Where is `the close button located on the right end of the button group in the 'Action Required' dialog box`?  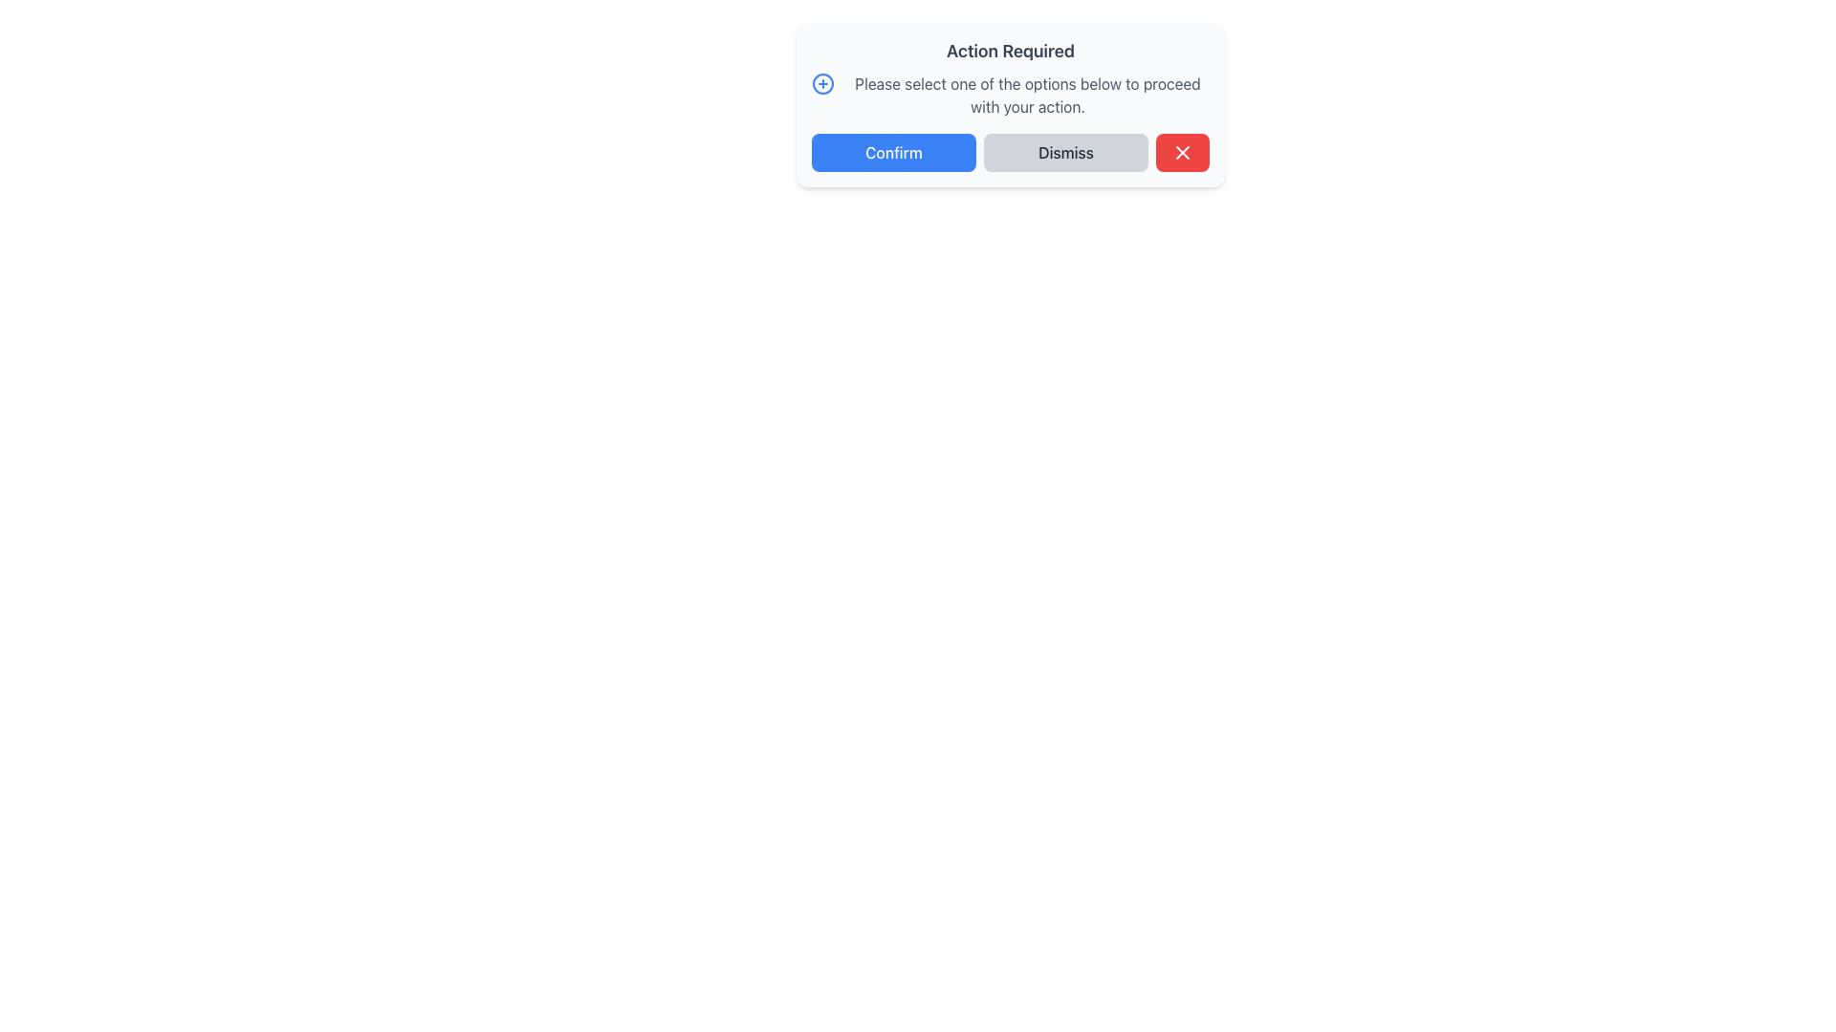 the close button located on the right end of the button group in the 'Action Required' dialog box is located at coordinates (1182, 151).